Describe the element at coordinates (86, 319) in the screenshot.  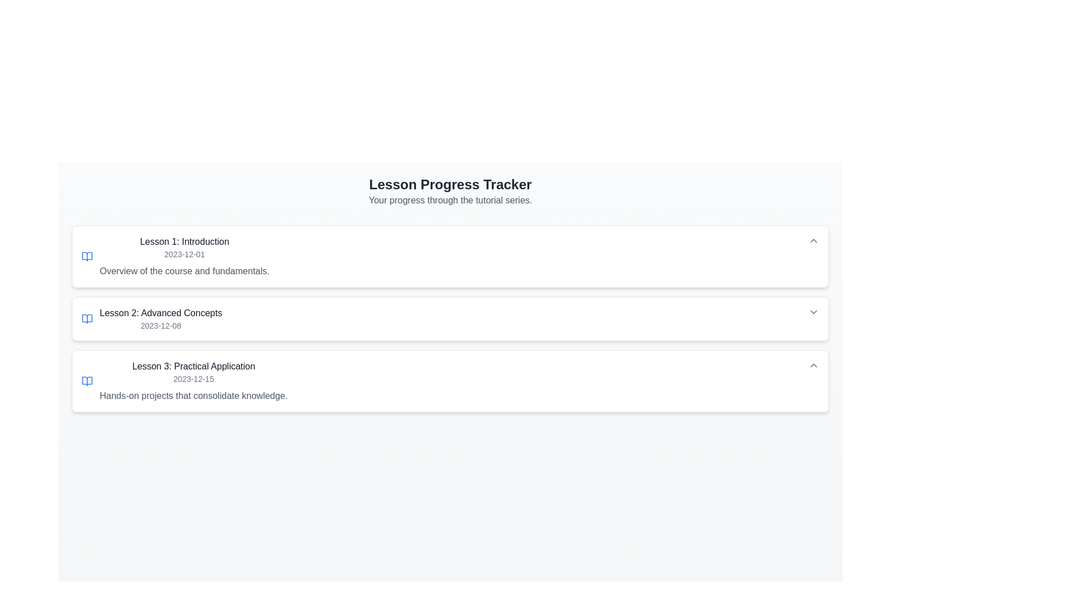
I see `the decorative icon for 'Lesson 2: Advanced Concepts', positioned to the left of the lesson title` at that location.